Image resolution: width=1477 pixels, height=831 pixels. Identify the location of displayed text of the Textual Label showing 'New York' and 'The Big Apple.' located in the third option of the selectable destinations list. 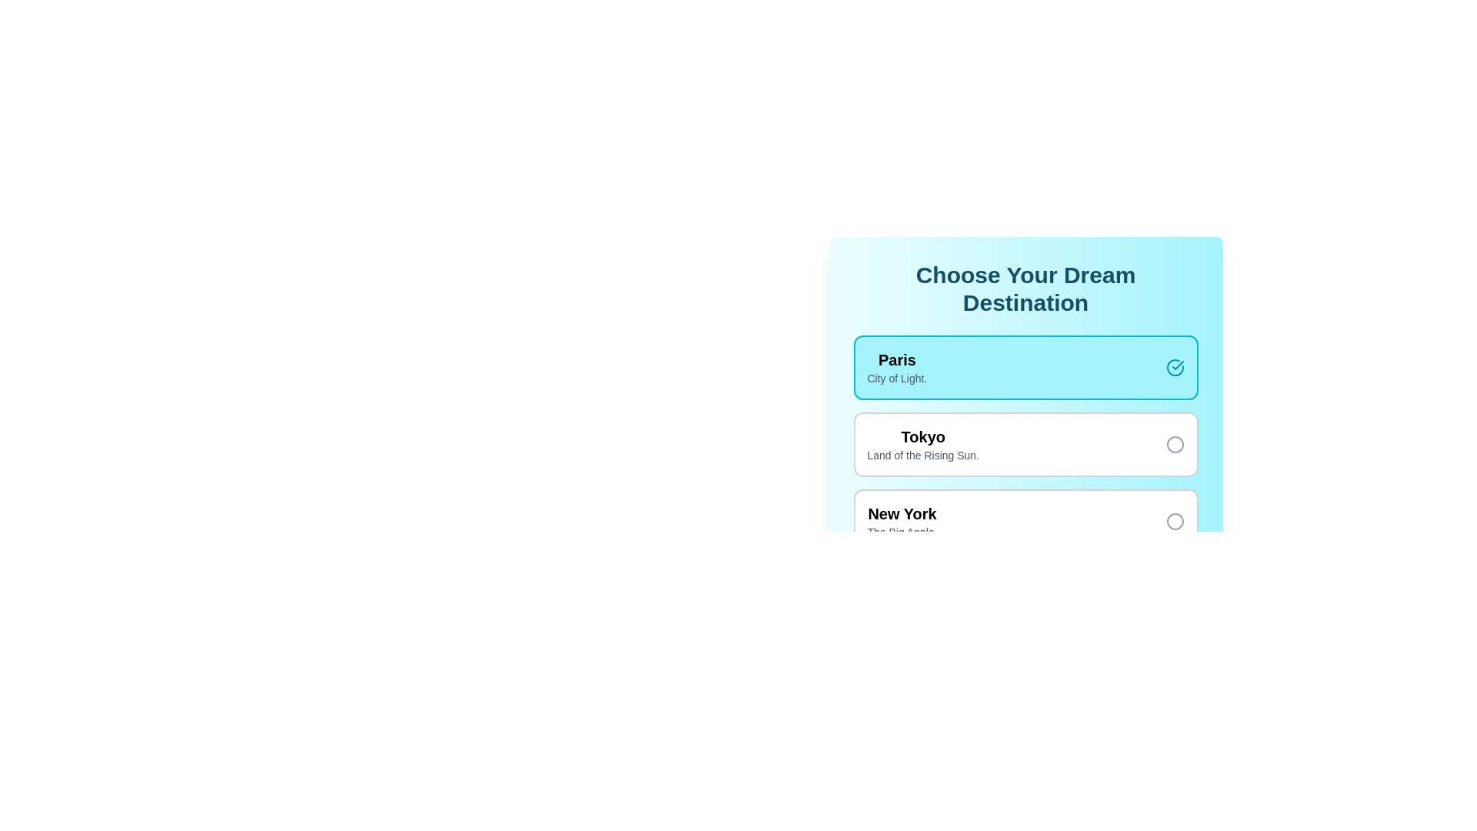
(902, 521).